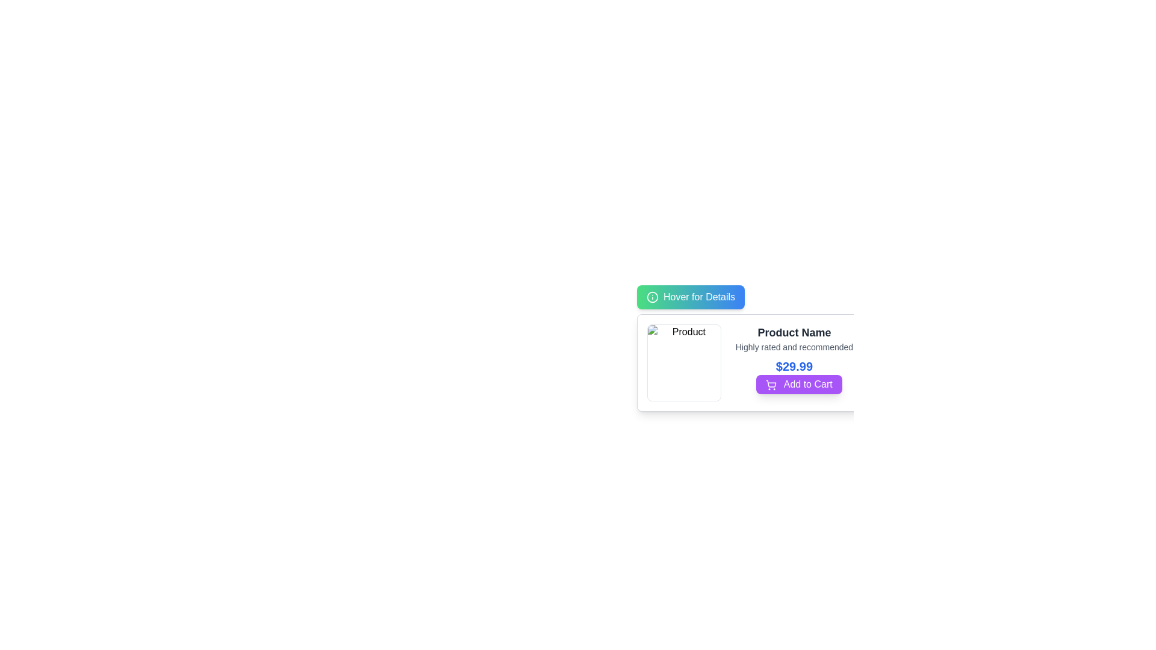 The height and width of the screenshot is (650, 1156). Describe the element at coordinates (794, 347) in the screenshot. I see `the text label displaying 'Highly rated and recommended', which is located beneath the title 'Product Name' and above the price '$29.99'` at that location.